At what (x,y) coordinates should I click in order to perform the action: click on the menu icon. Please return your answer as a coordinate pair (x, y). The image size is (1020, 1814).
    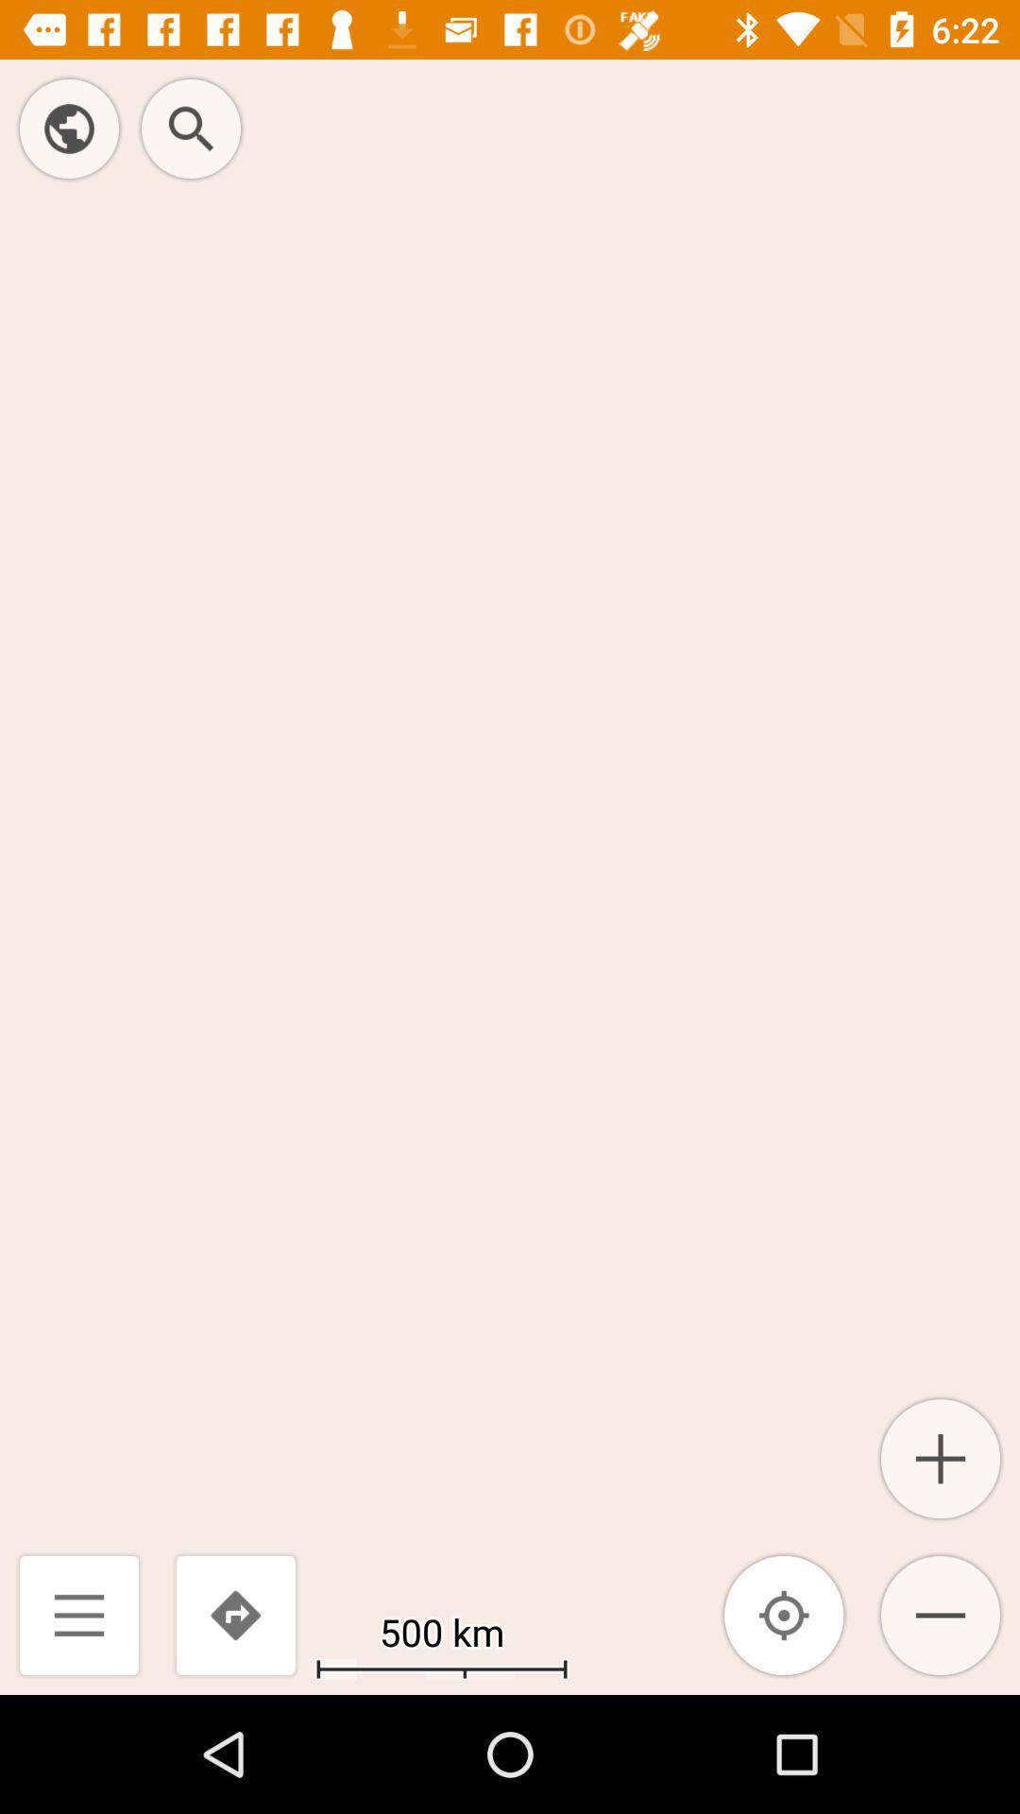
    Looking at the image, I should click on (78, 1614).